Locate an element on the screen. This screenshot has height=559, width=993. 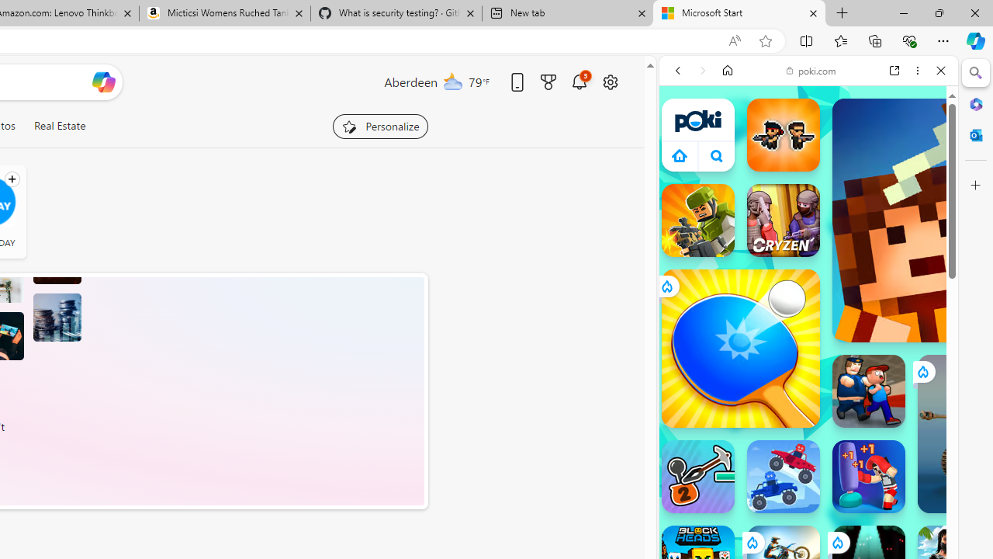
'Shooting Games' is located at coordinates (808, 402).